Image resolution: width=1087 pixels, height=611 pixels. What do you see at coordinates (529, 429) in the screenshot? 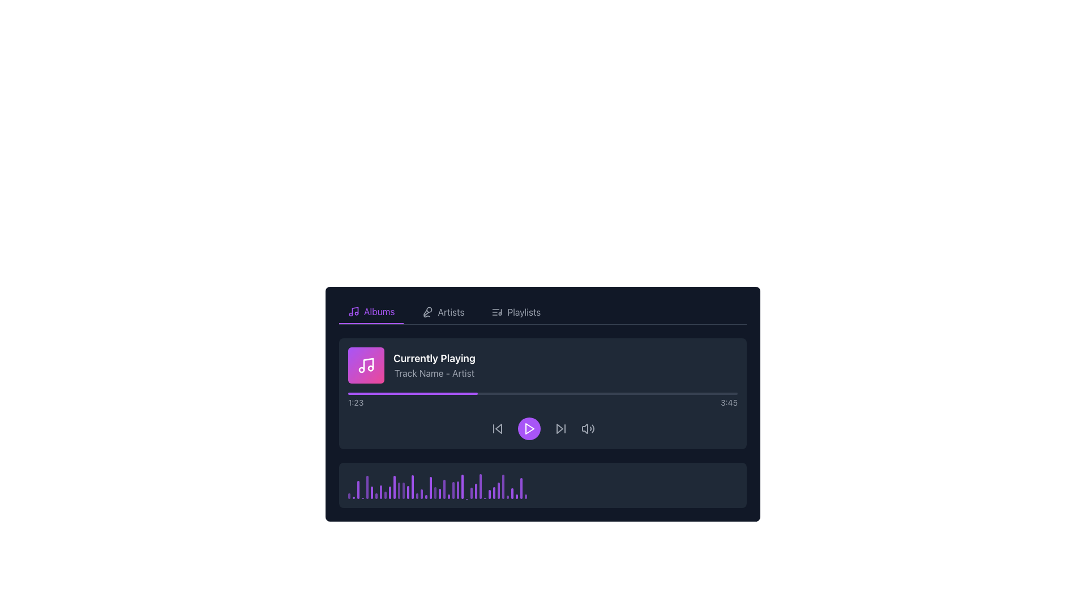
I see `the central play button in the media control section of the music player interface to play or resume media playback` at bounding box center [529, 429].